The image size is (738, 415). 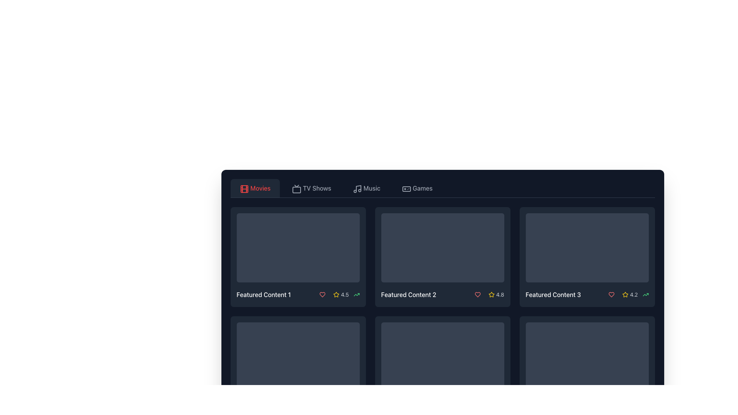 I want to click on the SVG rectangle with rounded corners located in the top-left corner of the 'Movies' section button in the top bar of the interface, so click(x=244, y=189).